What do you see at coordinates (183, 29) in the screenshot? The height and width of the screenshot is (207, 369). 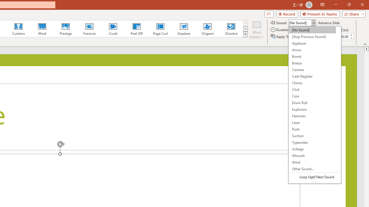 I see `'Airplane'` at bounding box center [183, 29].